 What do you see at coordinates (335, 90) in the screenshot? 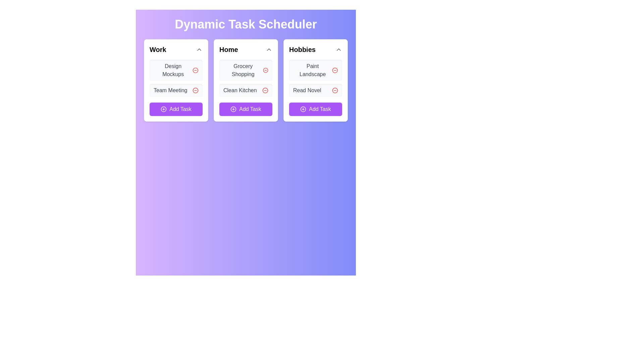
I see `the circular minus icon with a red stroke that indicates a removal action, located to the right of 'Read Novel' in the Hobbies section` at bounding box center [335, 90].